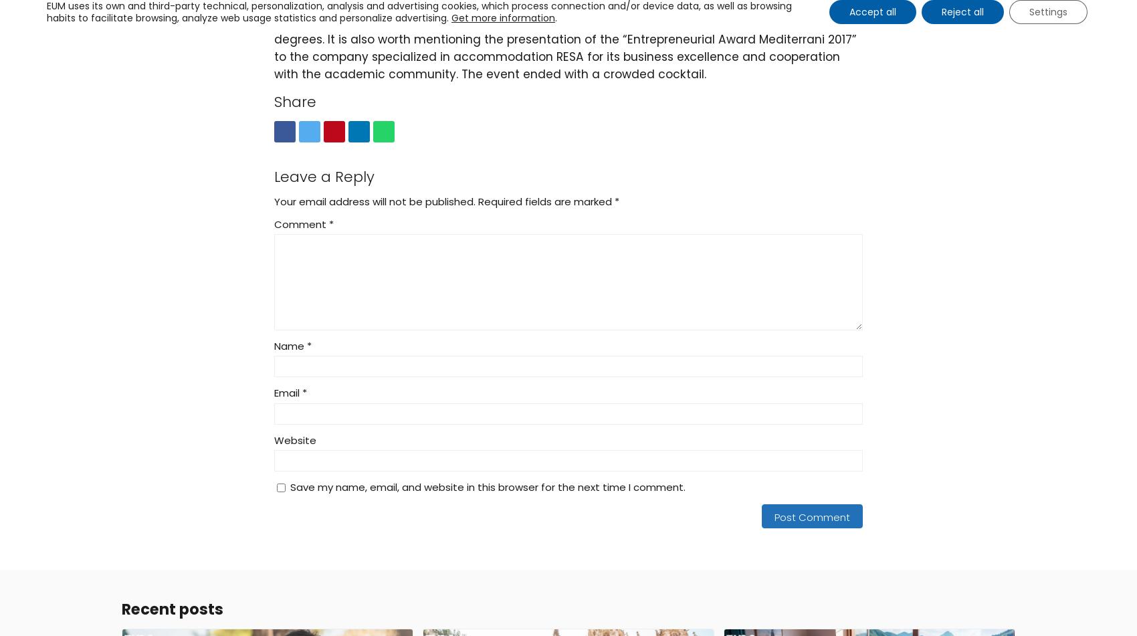  Describe the element at coordinates (1048, 11) in the screenshot. I see `'Settings'` at that location.